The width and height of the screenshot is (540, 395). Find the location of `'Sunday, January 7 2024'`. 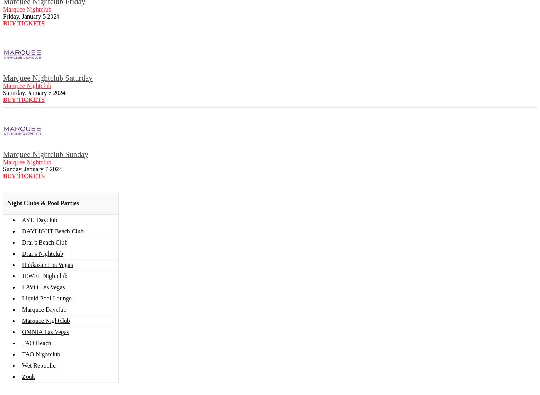

'Sunday, January 7 2024' is located at coordinates (32, 169).